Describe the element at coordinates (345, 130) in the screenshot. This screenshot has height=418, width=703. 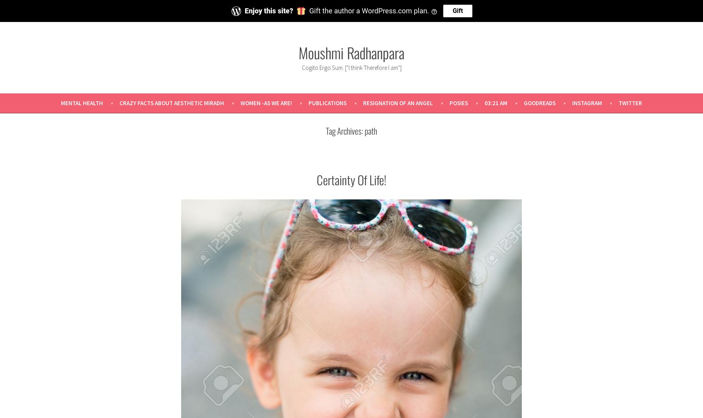
I see `'Tag Archives:'` at that location.